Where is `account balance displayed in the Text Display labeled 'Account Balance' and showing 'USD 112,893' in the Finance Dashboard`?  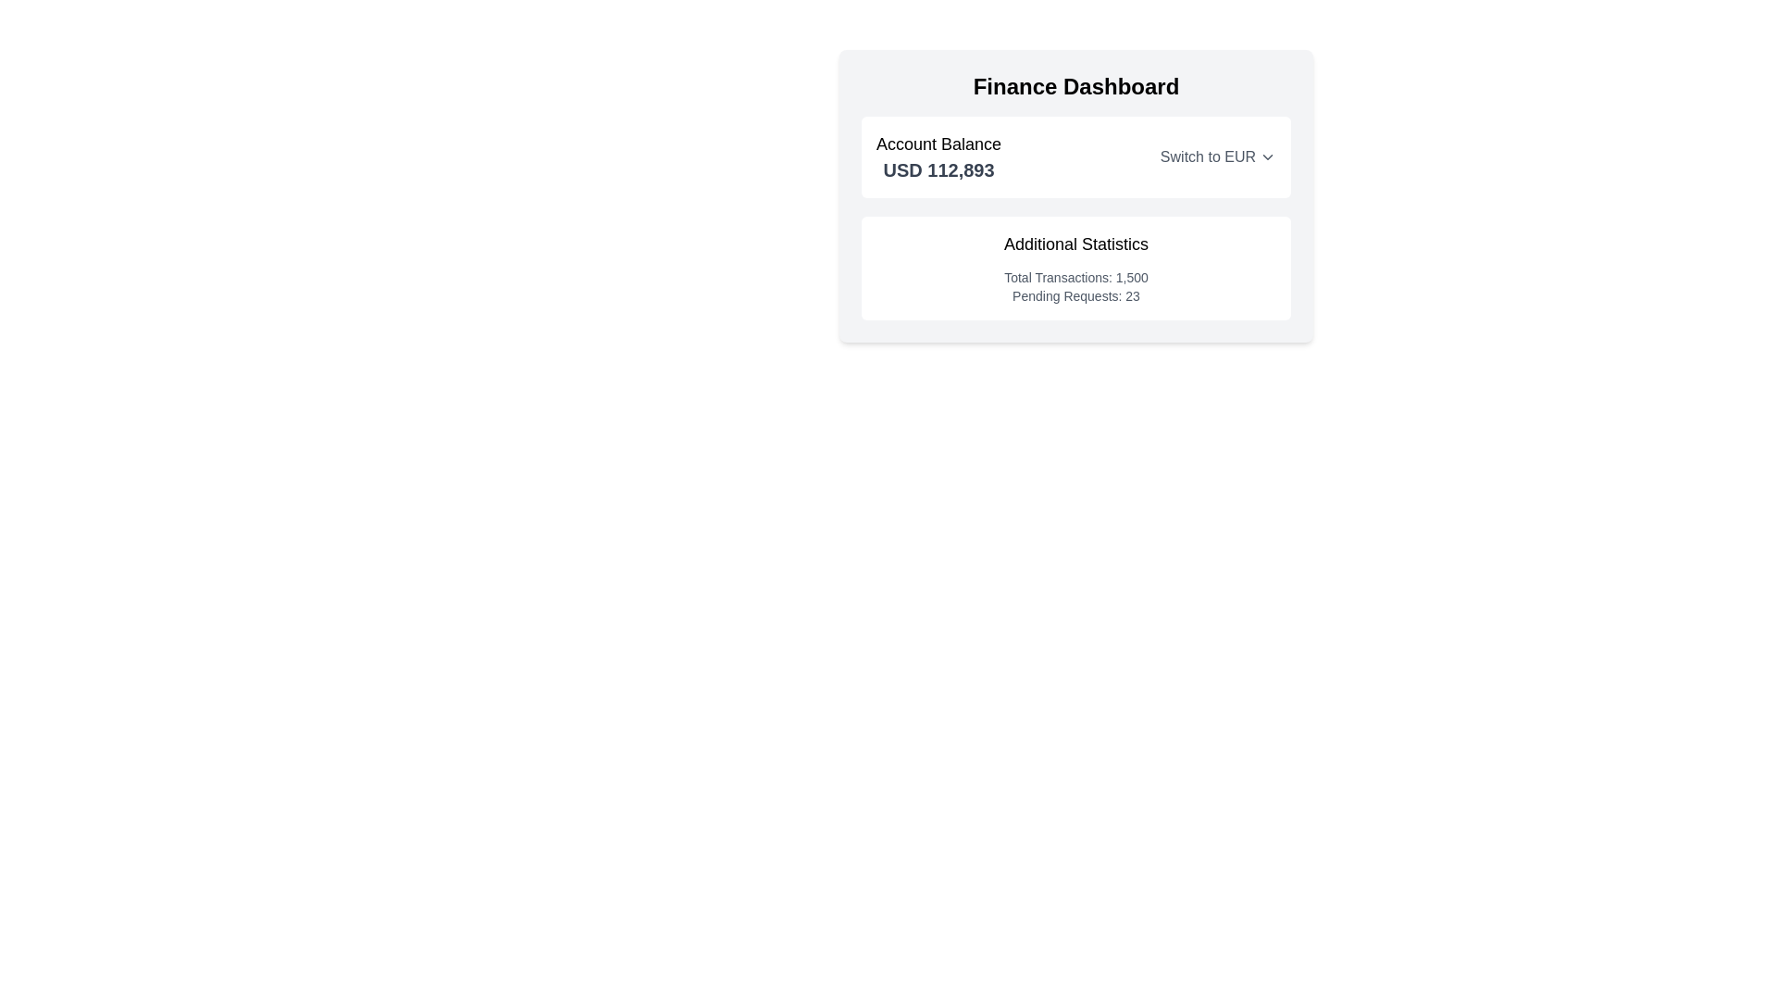
account balance displayed in the Text Display labeled 'Account Balance' and showing 'USD 112,893' in the Finance Dashboard is located at coordinates (938, 156).